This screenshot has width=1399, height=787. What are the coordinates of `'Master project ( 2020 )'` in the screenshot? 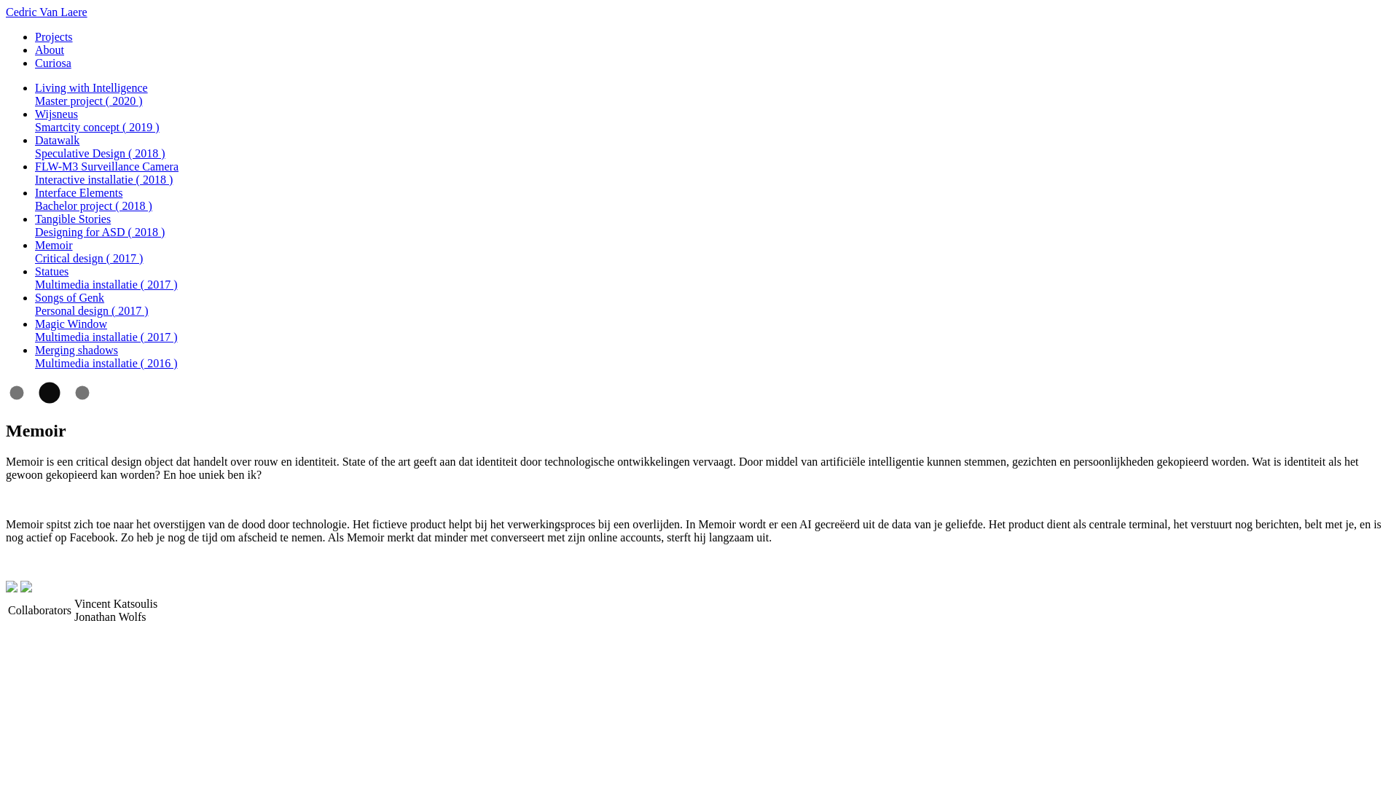 It's located at (87, 100).